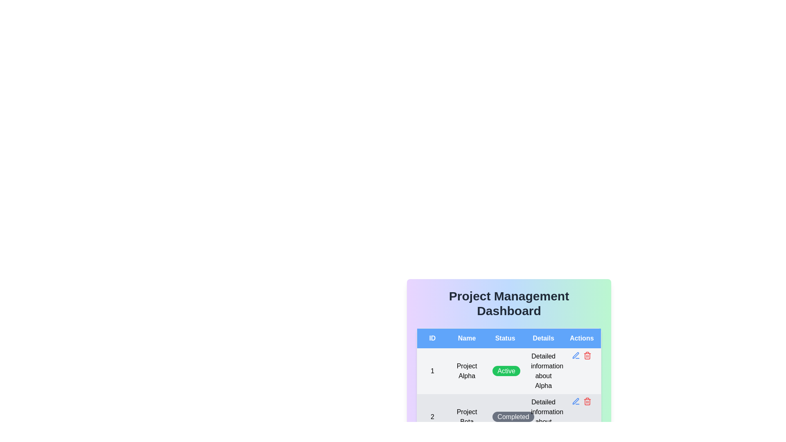  Describe the element at coordinates (467, 417) in the screenshot. I see `the 'Project Beta' text label, which is the second item under the 'Name' column in the table` at that location.